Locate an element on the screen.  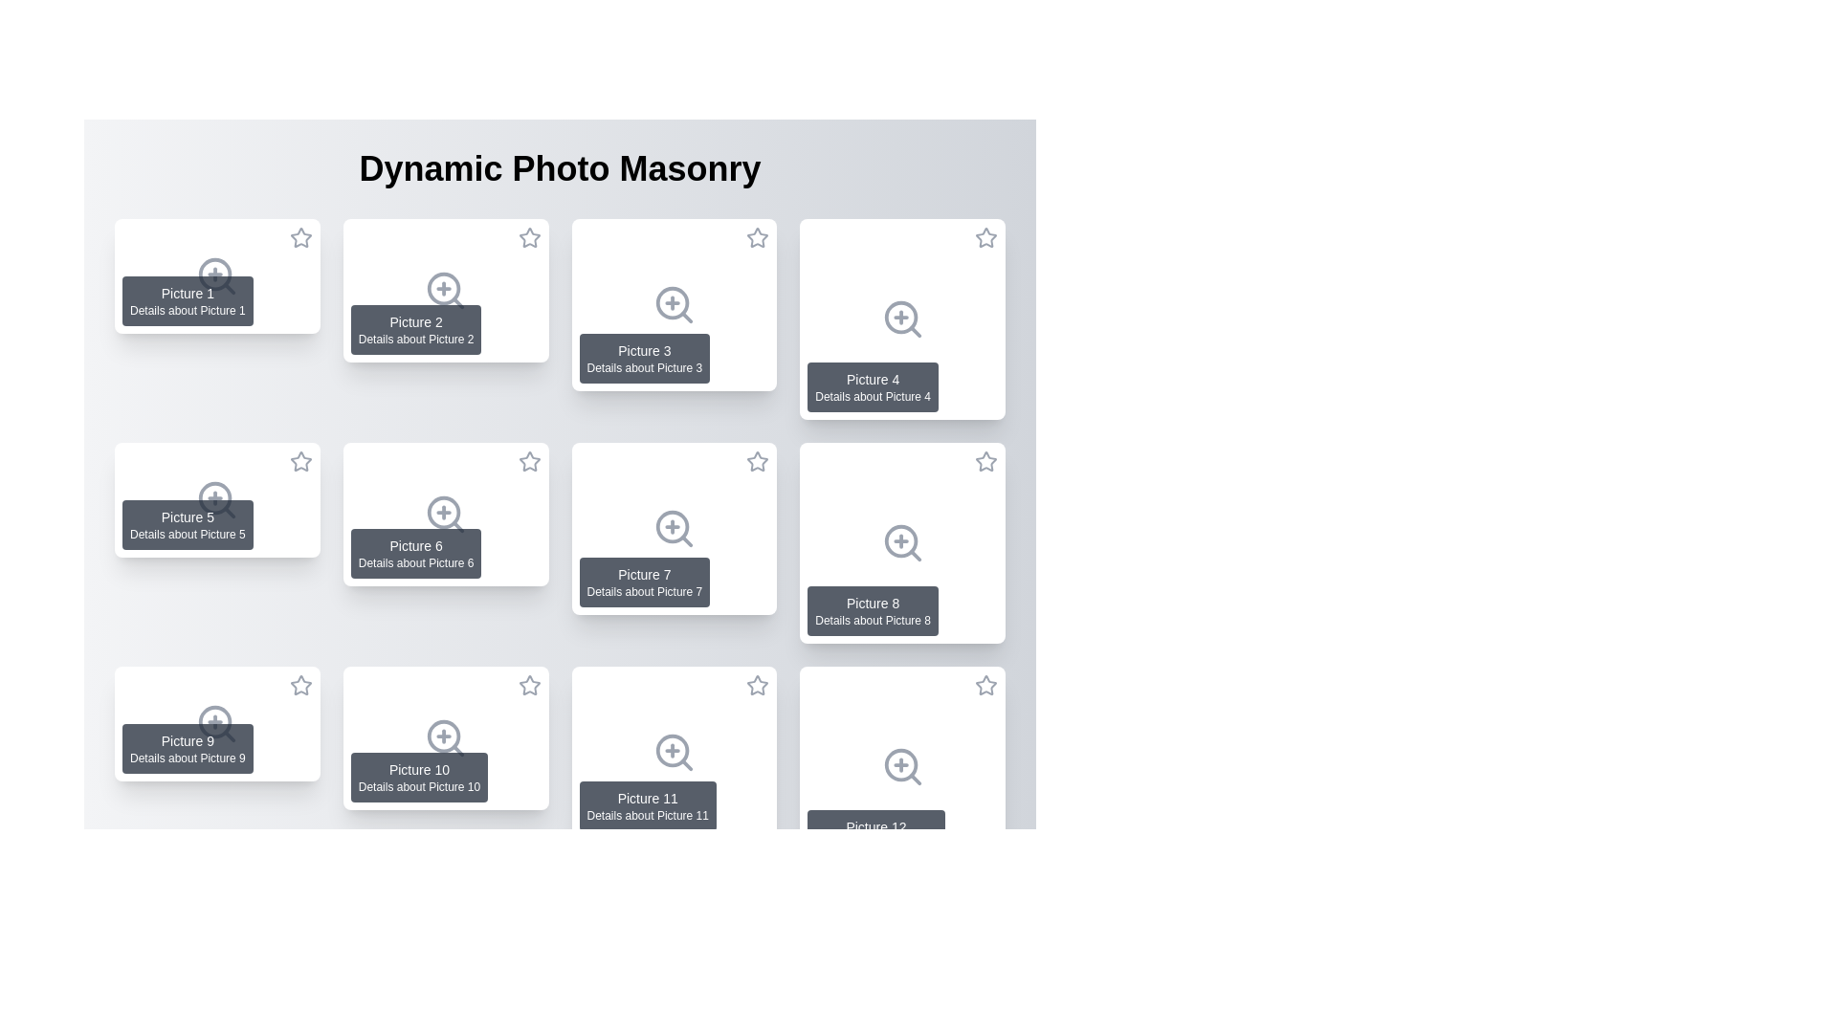
the star-shaped icon with a gray border located at the top-right corner of the card labeled 'Picture 7' to interact with it is located at coordinates (757, 461).